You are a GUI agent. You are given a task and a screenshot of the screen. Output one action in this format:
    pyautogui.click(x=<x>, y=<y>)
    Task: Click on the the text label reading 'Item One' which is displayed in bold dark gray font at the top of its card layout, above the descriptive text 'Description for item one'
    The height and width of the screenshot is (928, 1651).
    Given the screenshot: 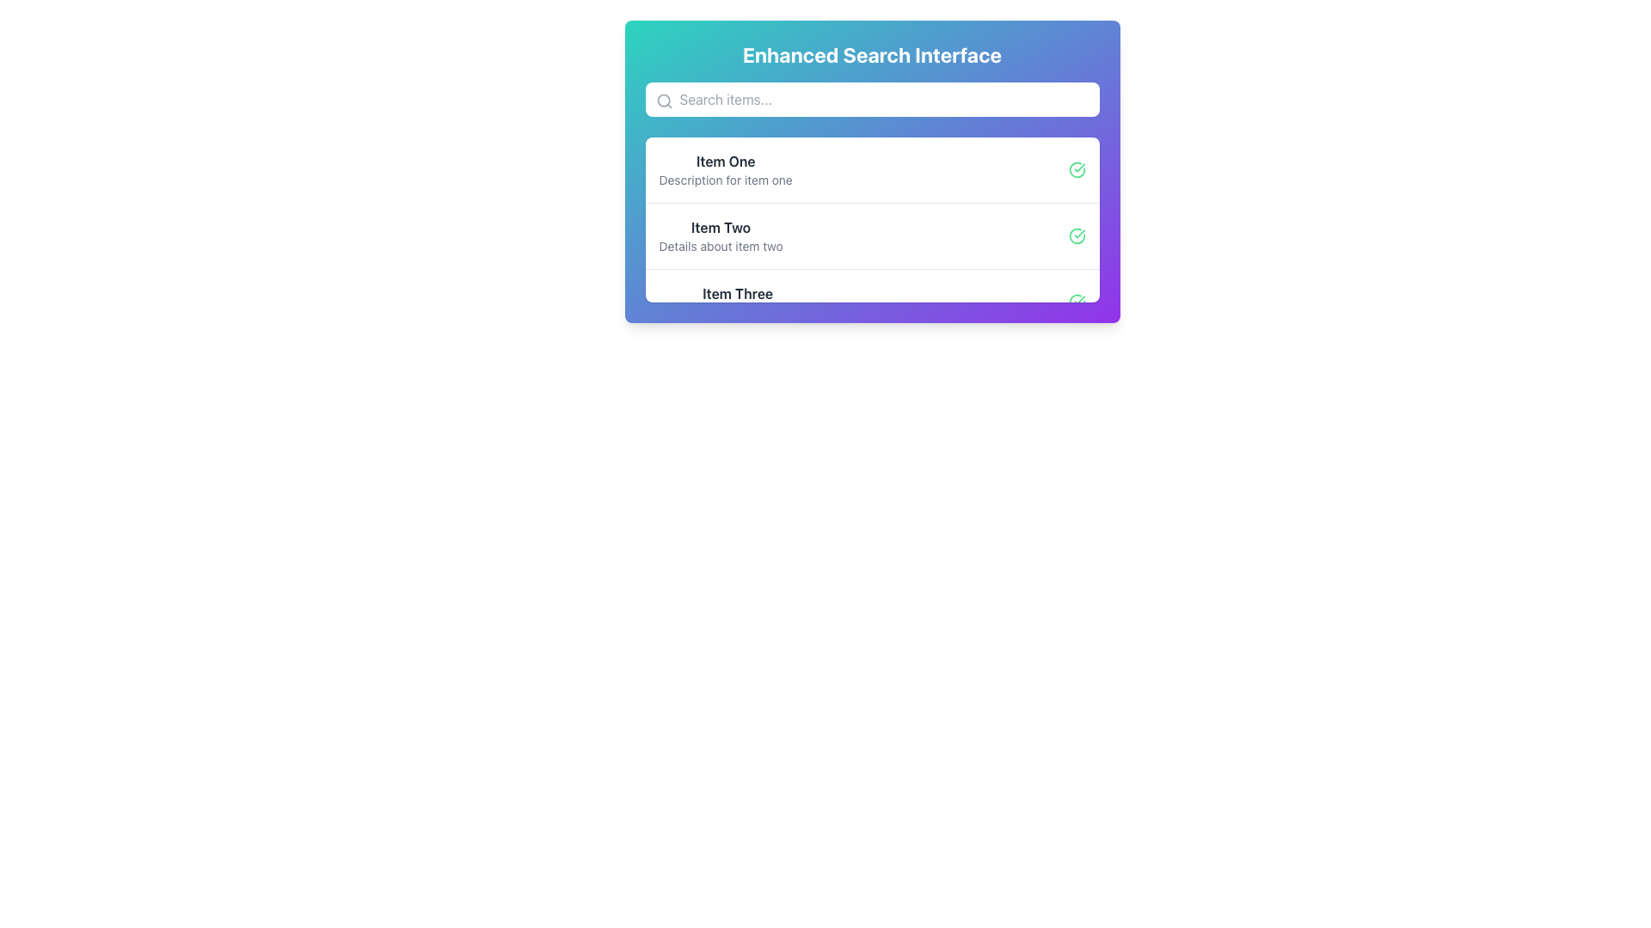 What is the action you would take?
    pyautogui.click(x=726, y=162)
    